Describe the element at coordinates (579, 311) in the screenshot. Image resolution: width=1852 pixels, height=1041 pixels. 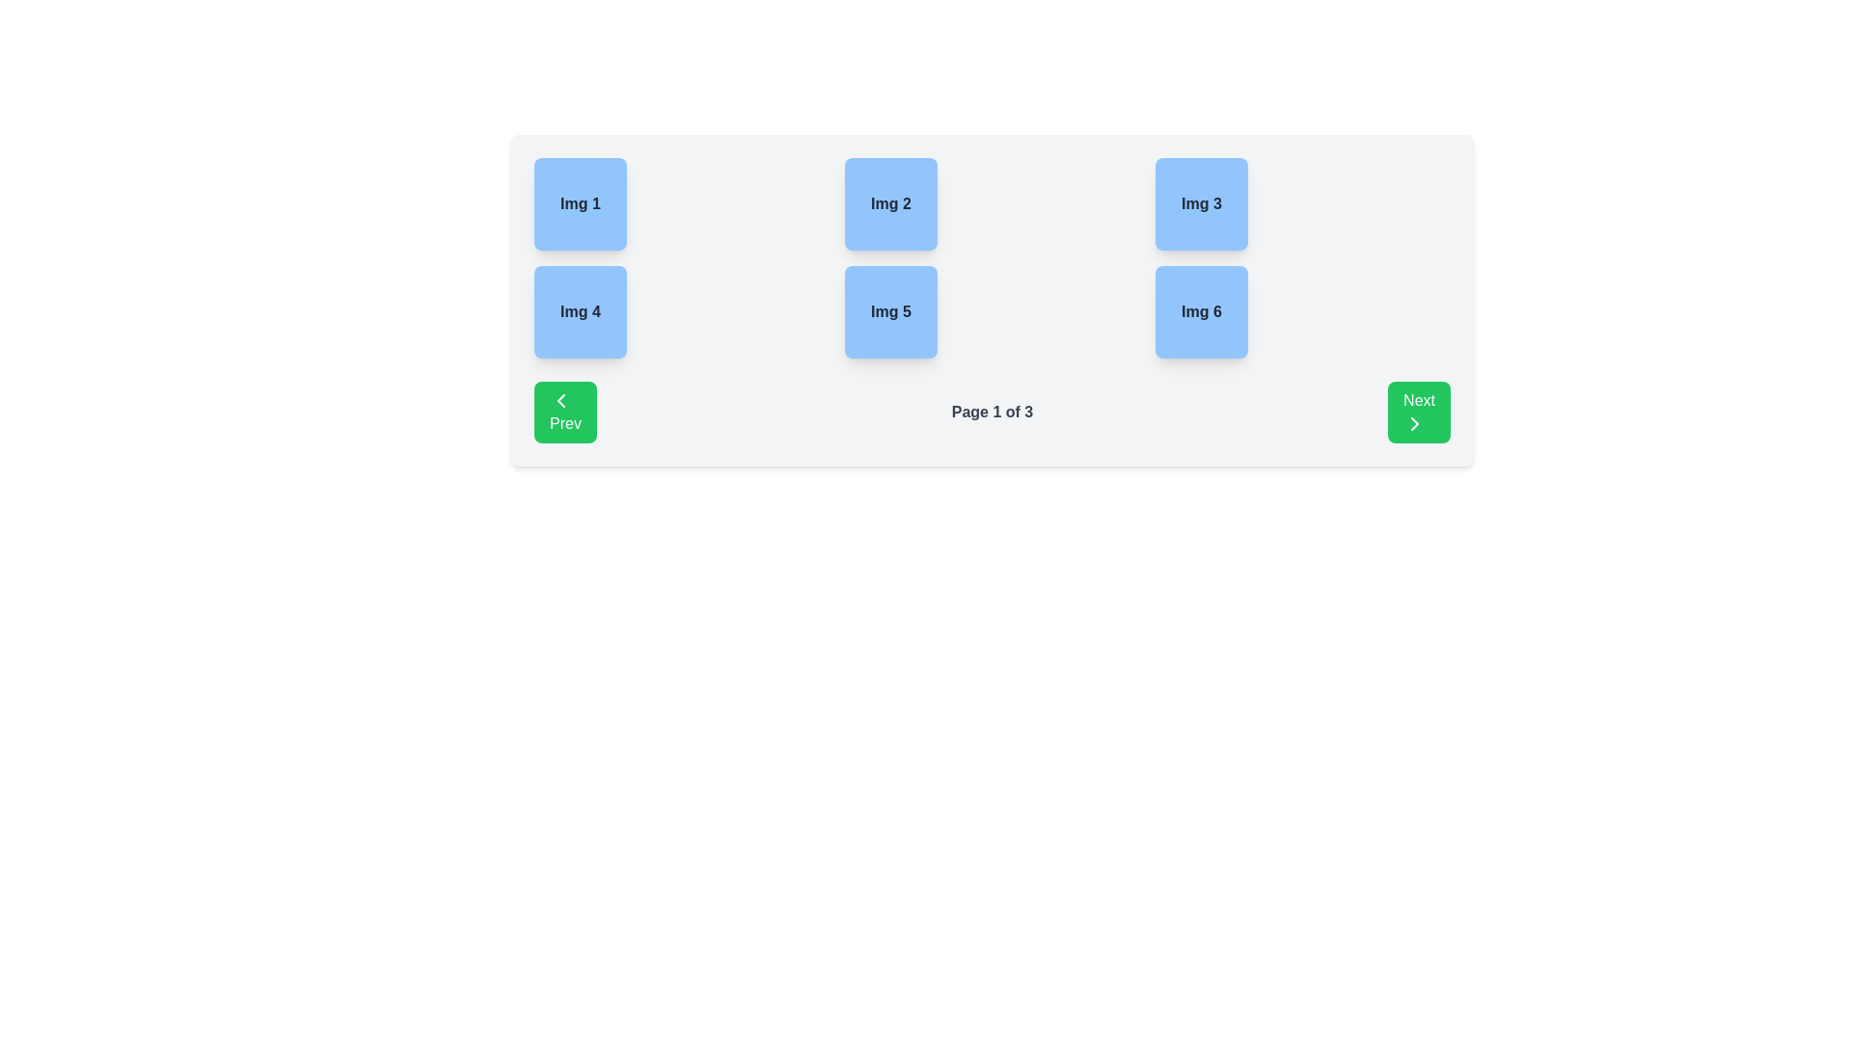
I see `the text label 'Img 4', which is located at the center of the leftmost column of a grid of light blue square containers, positioned below 'Img 1' and above the navigation buttons 'Prev' and 'Next'` at that location.